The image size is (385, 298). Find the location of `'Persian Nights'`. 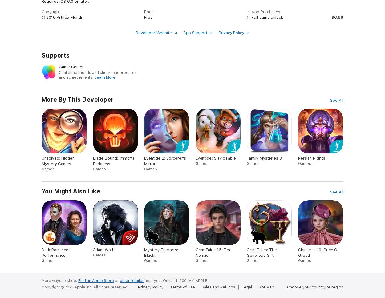

'Persian Nights' is located at coordinates (297, 157).